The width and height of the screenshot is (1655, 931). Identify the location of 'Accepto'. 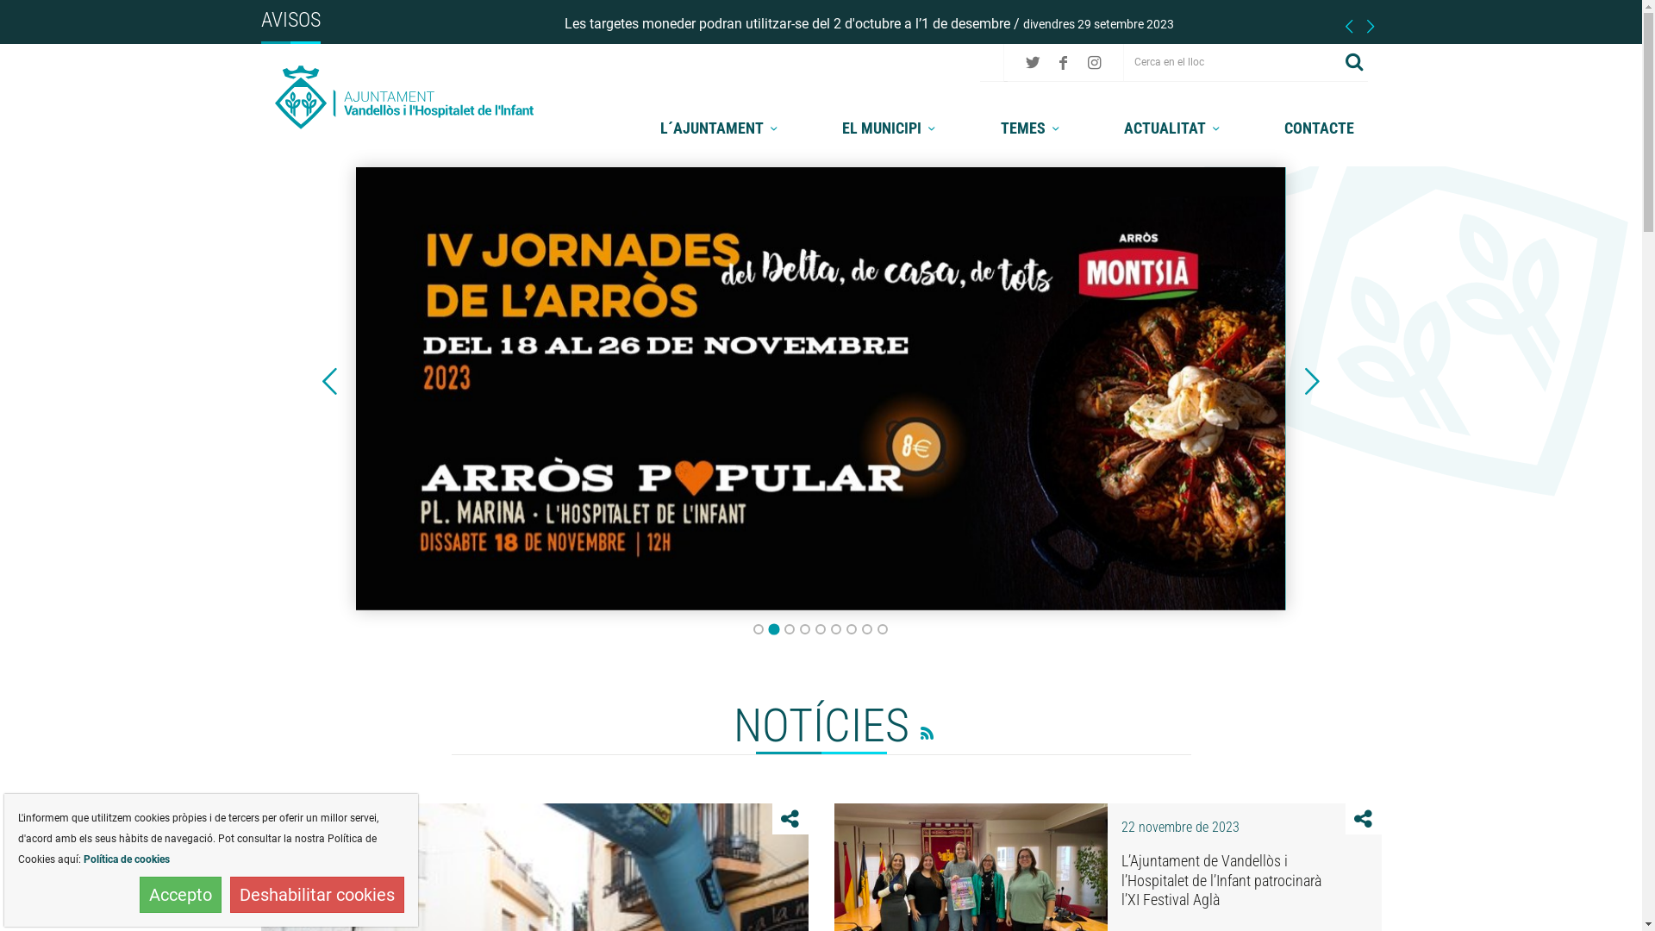
(180, 893).